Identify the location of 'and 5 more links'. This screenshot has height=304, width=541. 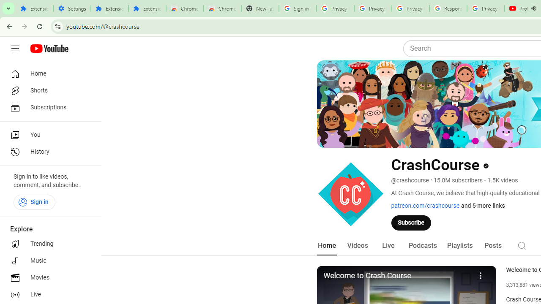
(483, 206).